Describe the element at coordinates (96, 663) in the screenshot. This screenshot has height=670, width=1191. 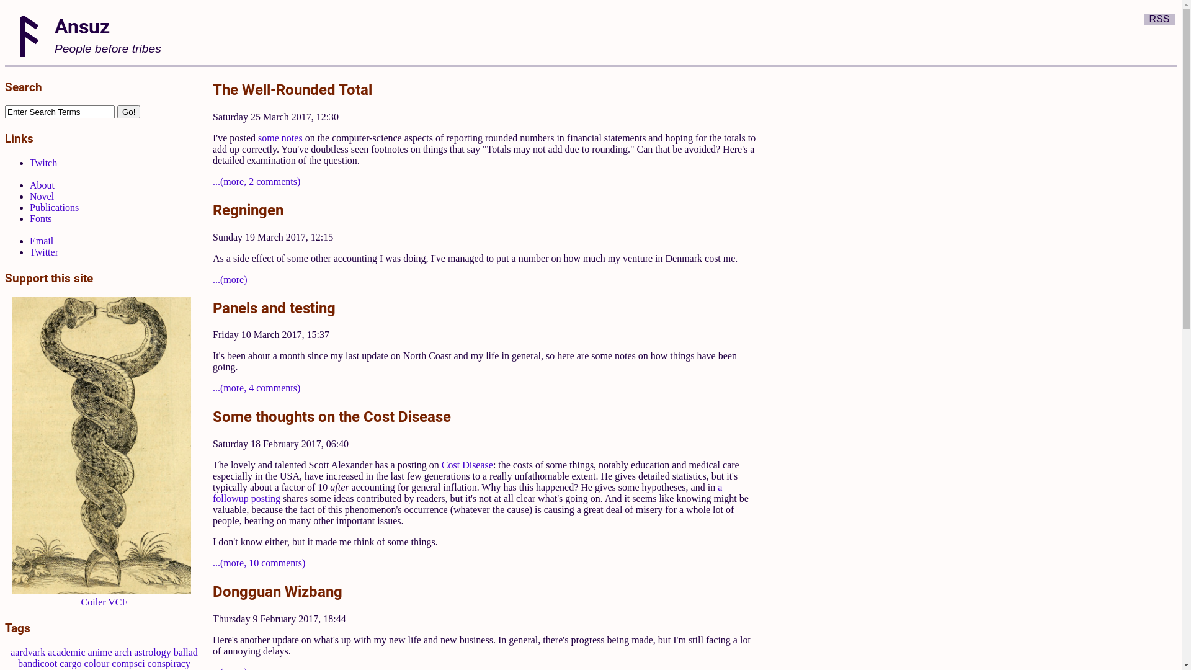
I see `'colour'` at that location.